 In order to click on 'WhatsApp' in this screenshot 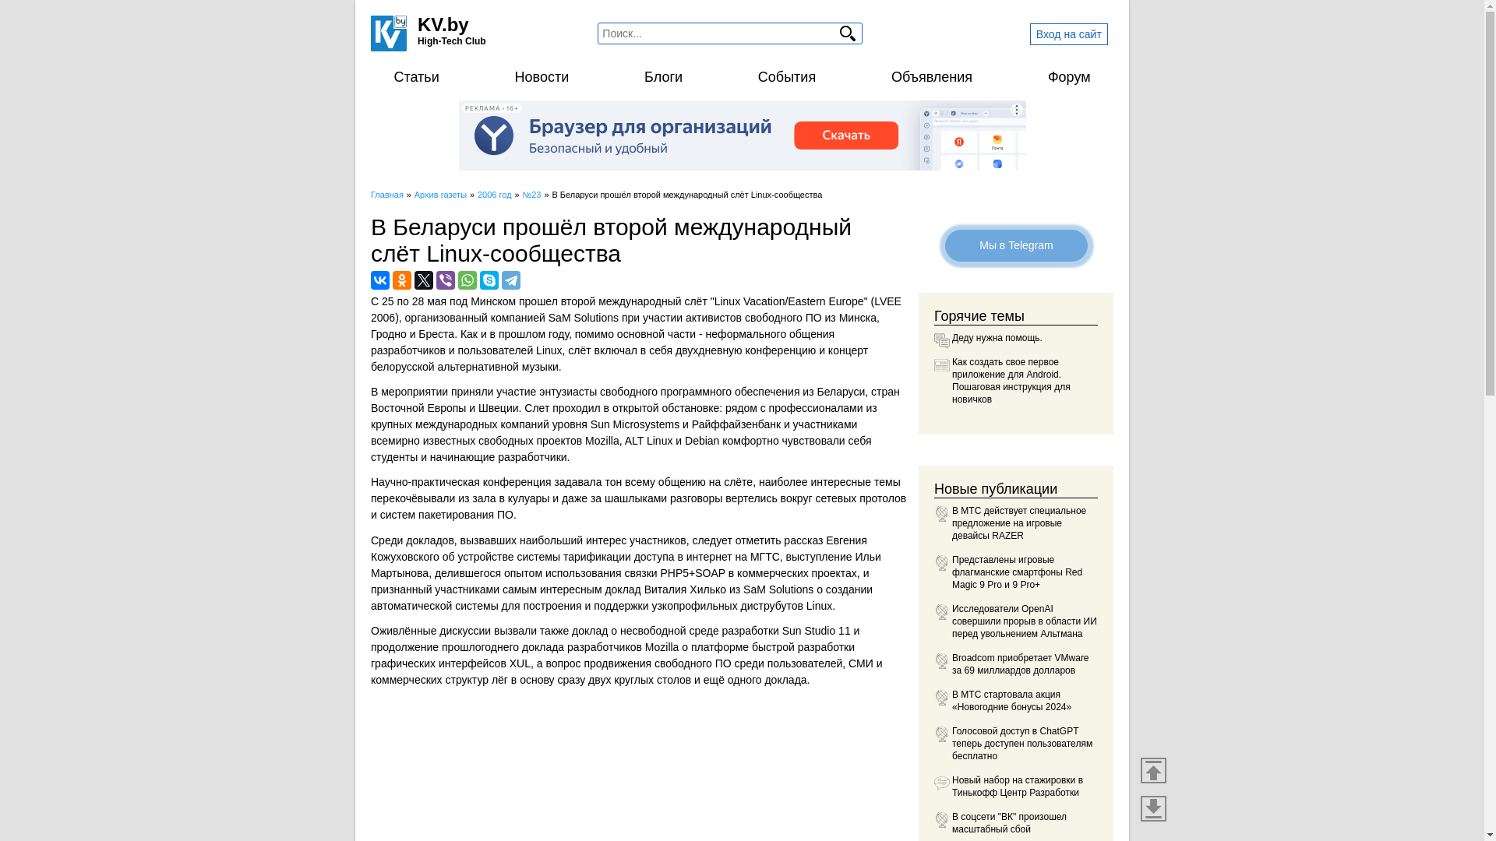, I will do `click(467, 279)`.